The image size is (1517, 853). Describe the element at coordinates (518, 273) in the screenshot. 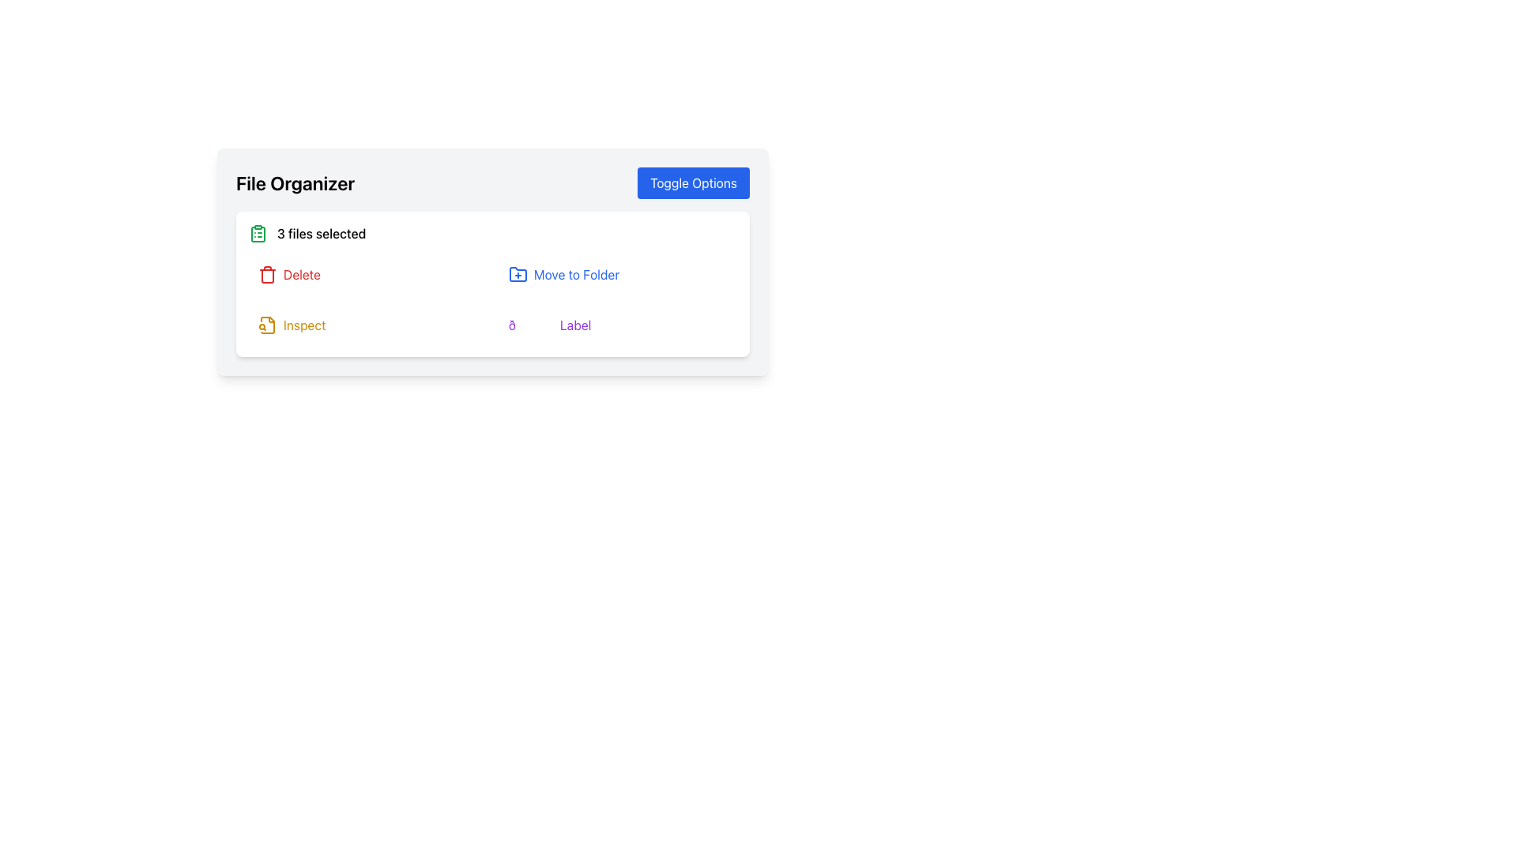

I see `the decorative shape used as part of the 'Move to Folder' icon located in the second row of the grid, to the right of the 'Delete' icon and text` at that location.